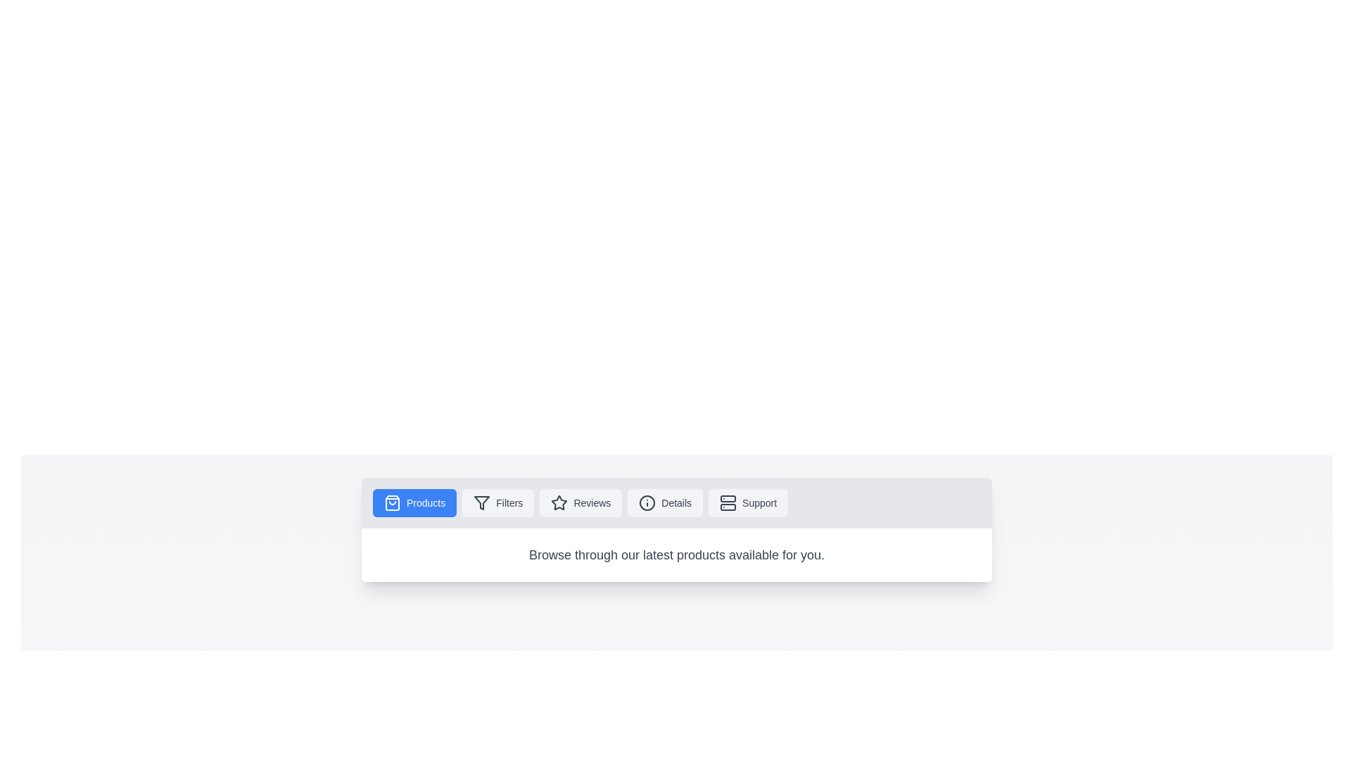 This screenshot has height=760, width=1351. I want to click on the Products tab to observe its hover effect, so click(414, 502).